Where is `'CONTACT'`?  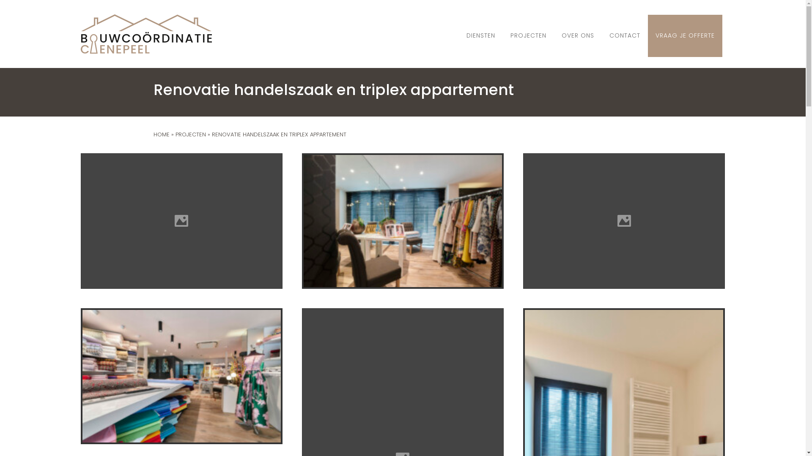
'CONTACT' is located at coordinates (625, 35).